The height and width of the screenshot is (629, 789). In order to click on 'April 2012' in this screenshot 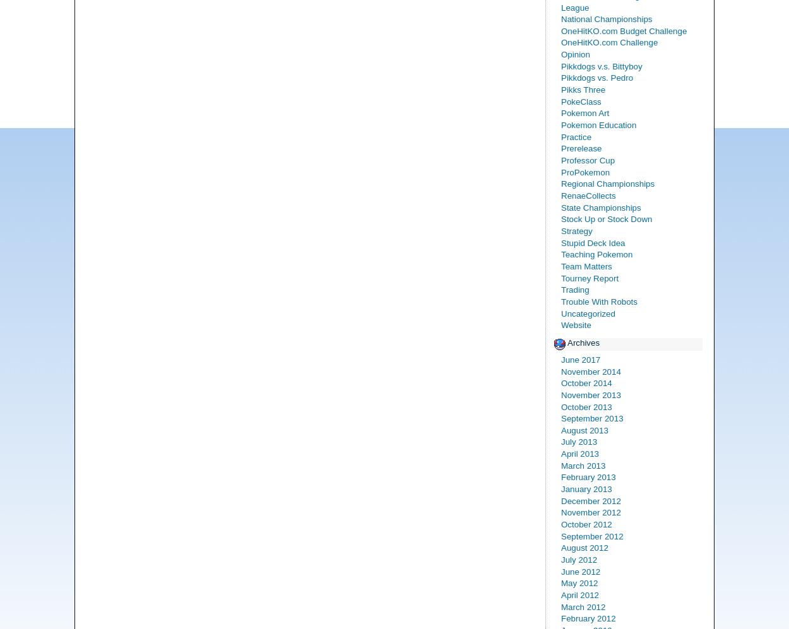, I will do `click(580, 595)`.